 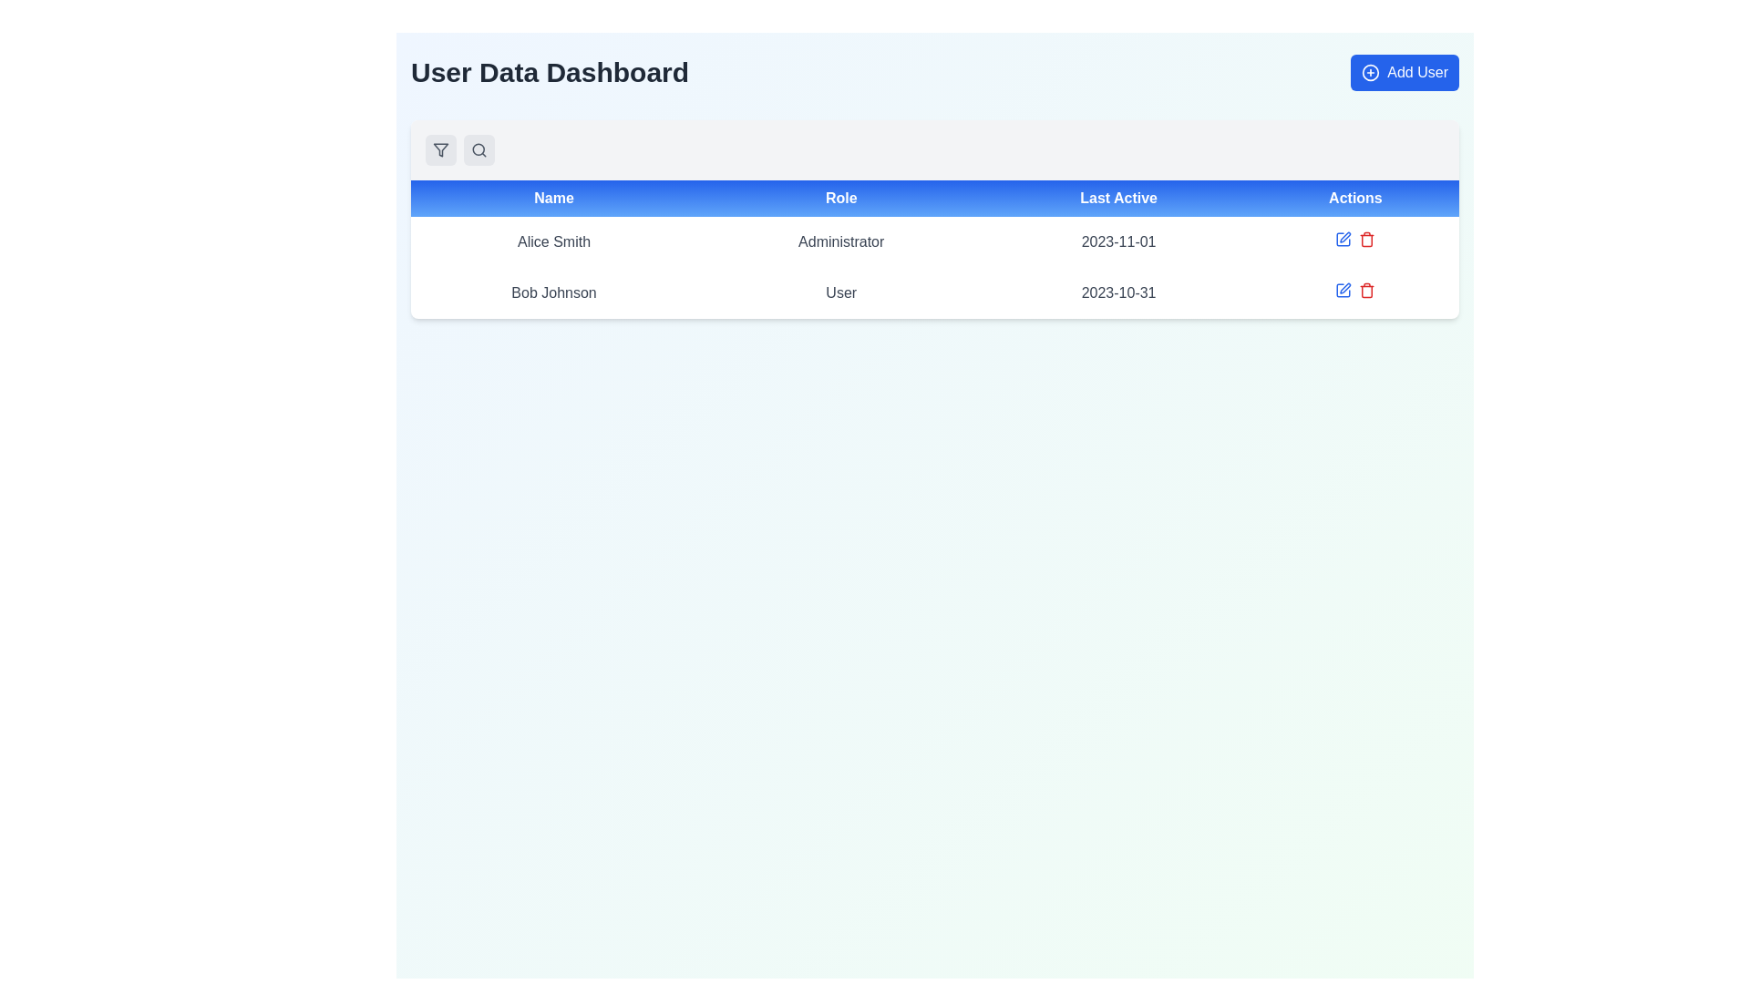 I want to click on the button with a magnifying glass icon, so click(x=479, y=149).